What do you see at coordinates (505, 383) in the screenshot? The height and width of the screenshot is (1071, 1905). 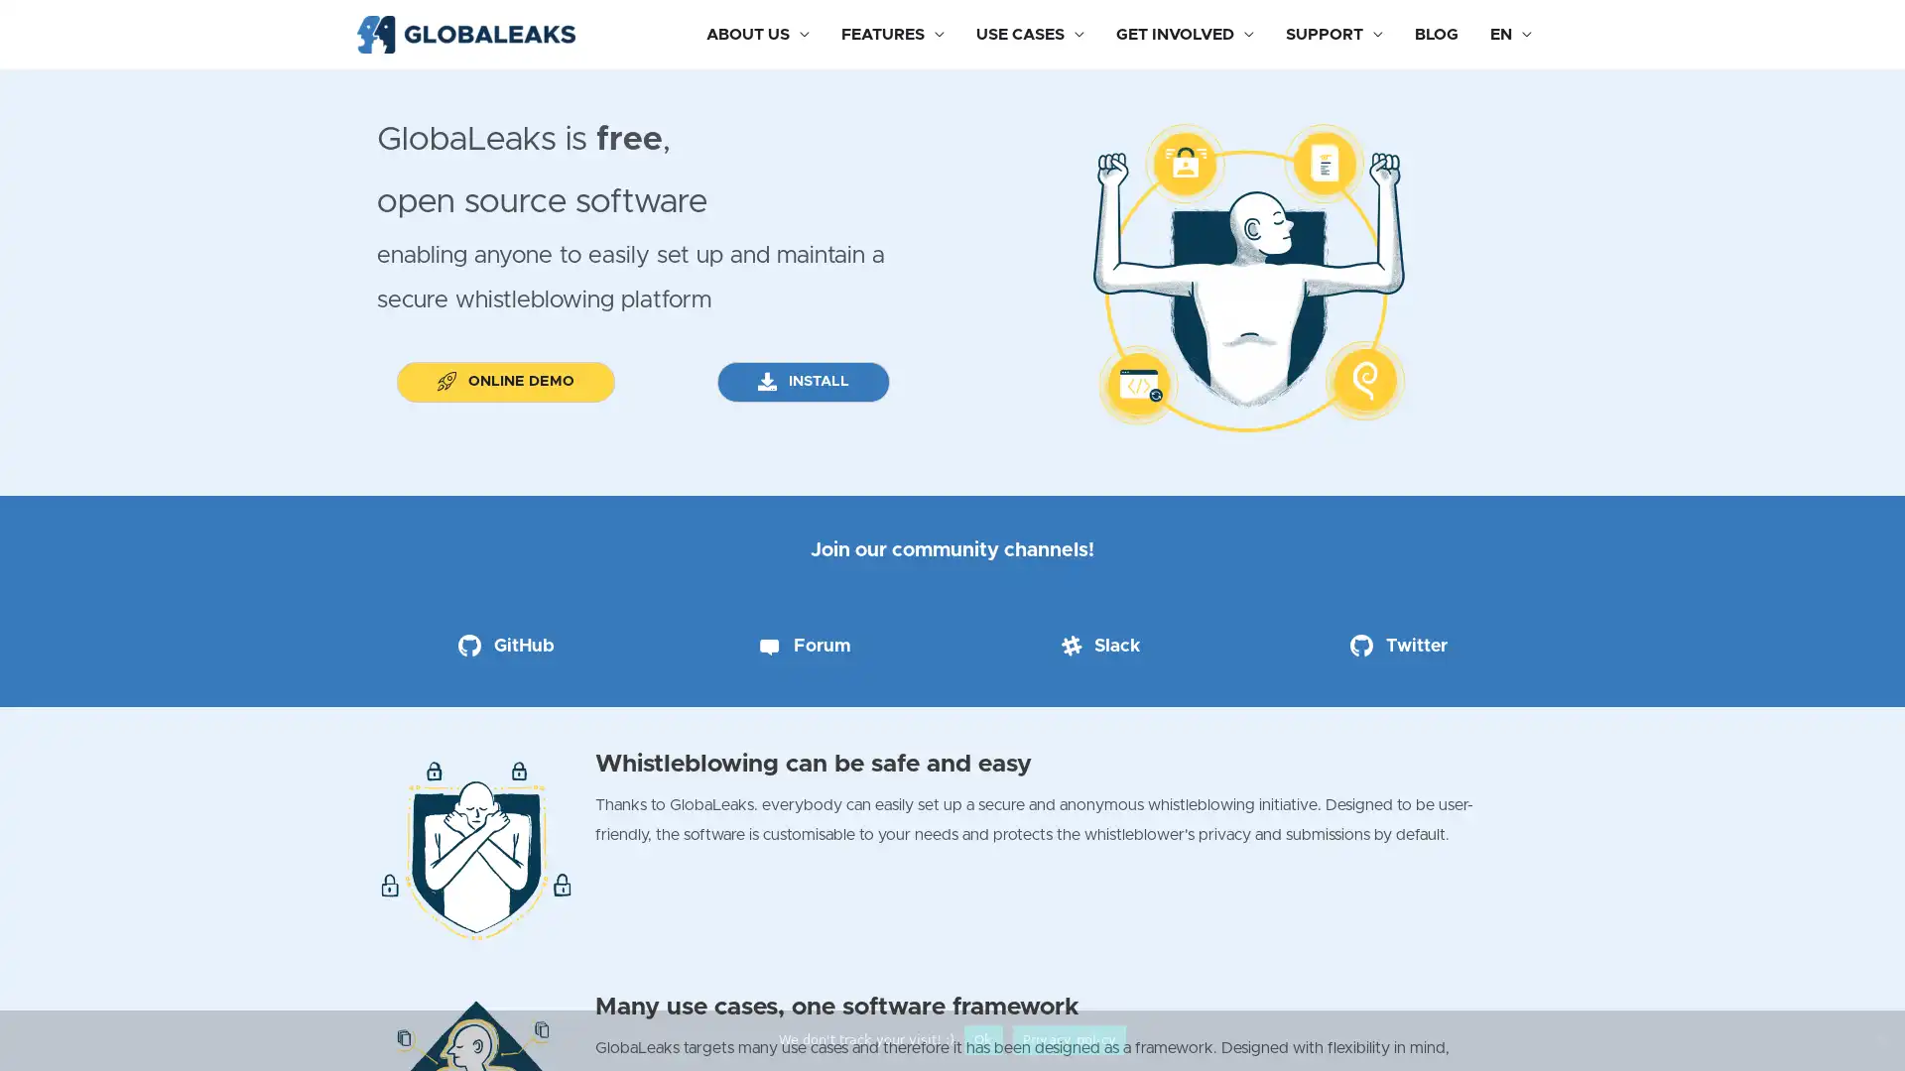 I see `ONLINE DEMO` at bounding box center [505, 383].